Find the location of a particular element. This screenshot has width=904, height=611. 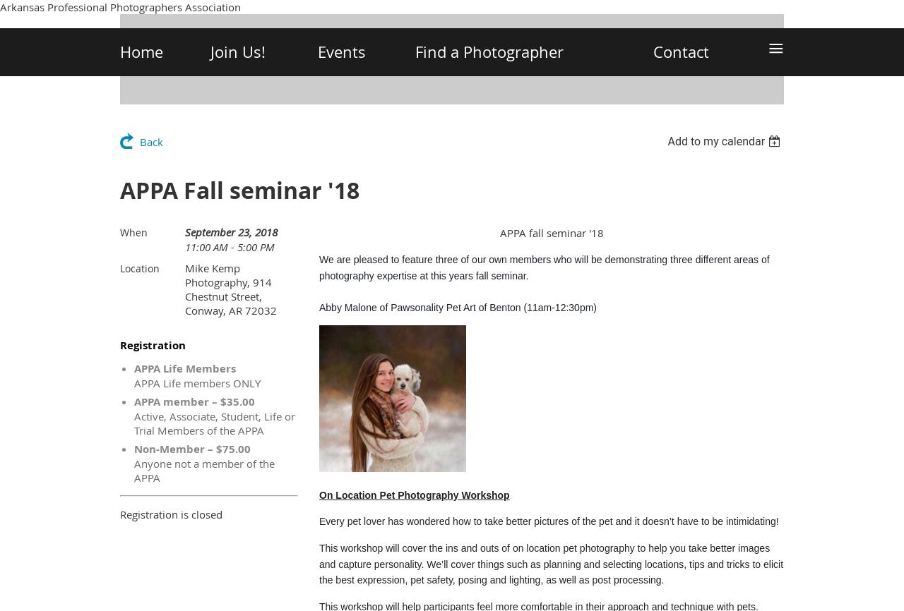

'Every pet lover has wondered how to take better pictures of the pet and it doesn’t have to be intimidating!' is located at coordinates (318, 520).